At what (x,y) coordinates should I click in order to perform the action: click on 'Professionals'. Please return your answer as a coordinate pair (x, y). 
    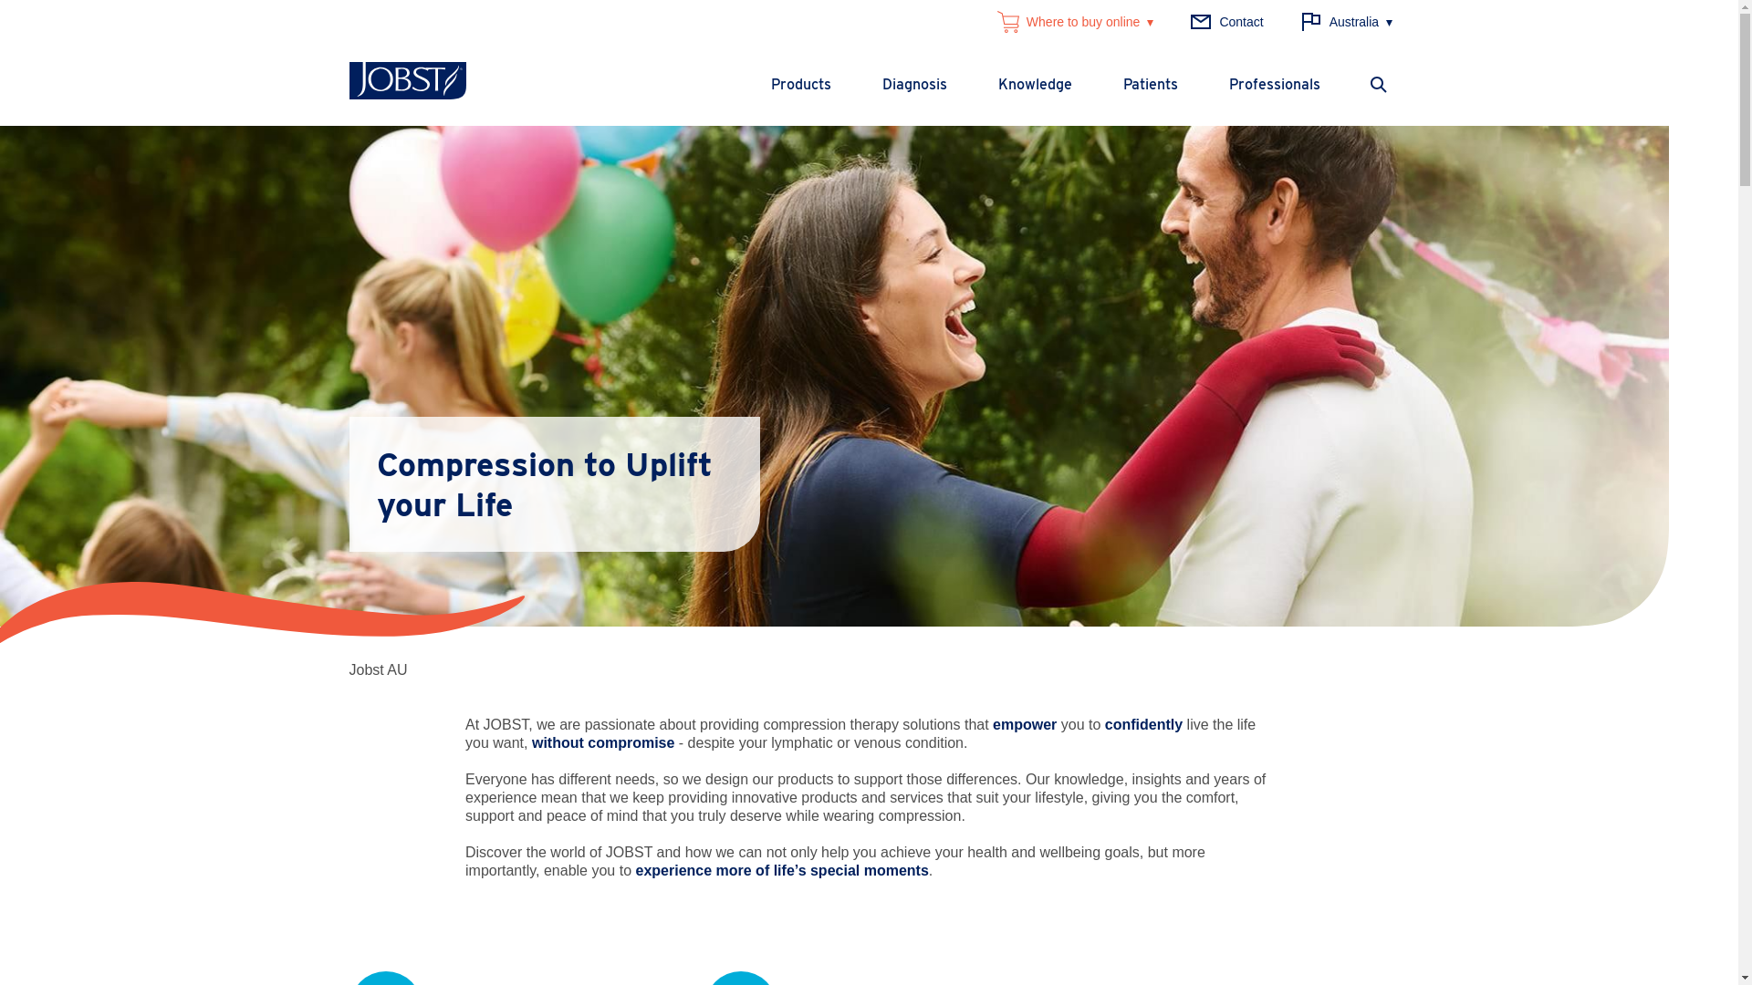
    Looking at the image, I should click on (1273, 84).